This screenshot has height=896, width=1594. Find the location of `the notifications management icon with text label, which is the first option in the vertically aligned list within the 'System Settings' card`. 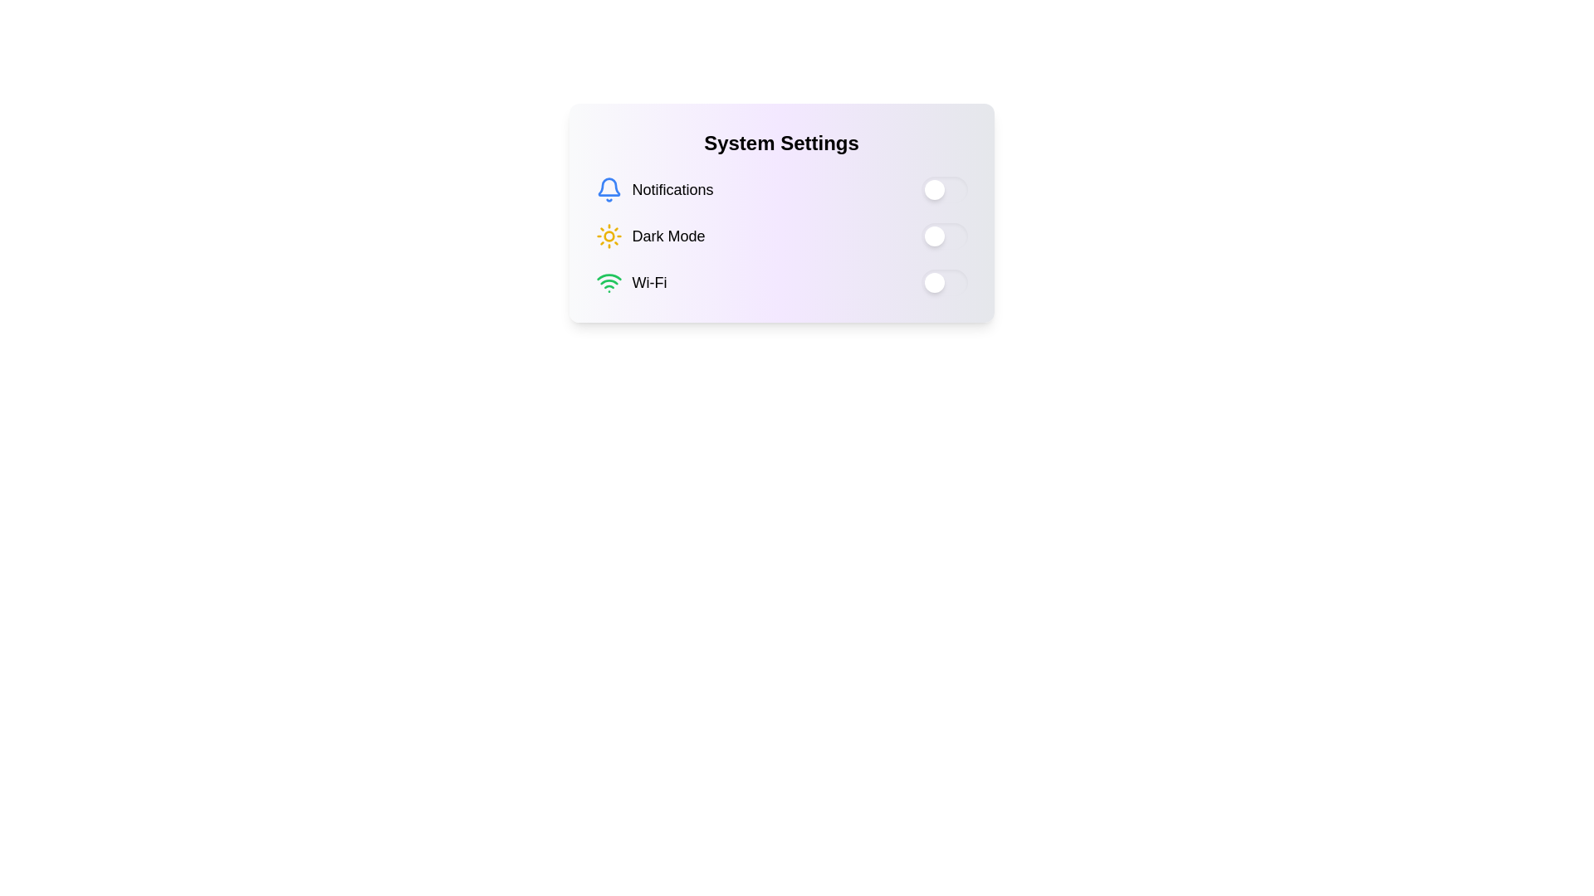

the notifications management icon with text label, which is the first option in the vertically aligned list within the 'System Settings' card is located at coordinates (653, 188).